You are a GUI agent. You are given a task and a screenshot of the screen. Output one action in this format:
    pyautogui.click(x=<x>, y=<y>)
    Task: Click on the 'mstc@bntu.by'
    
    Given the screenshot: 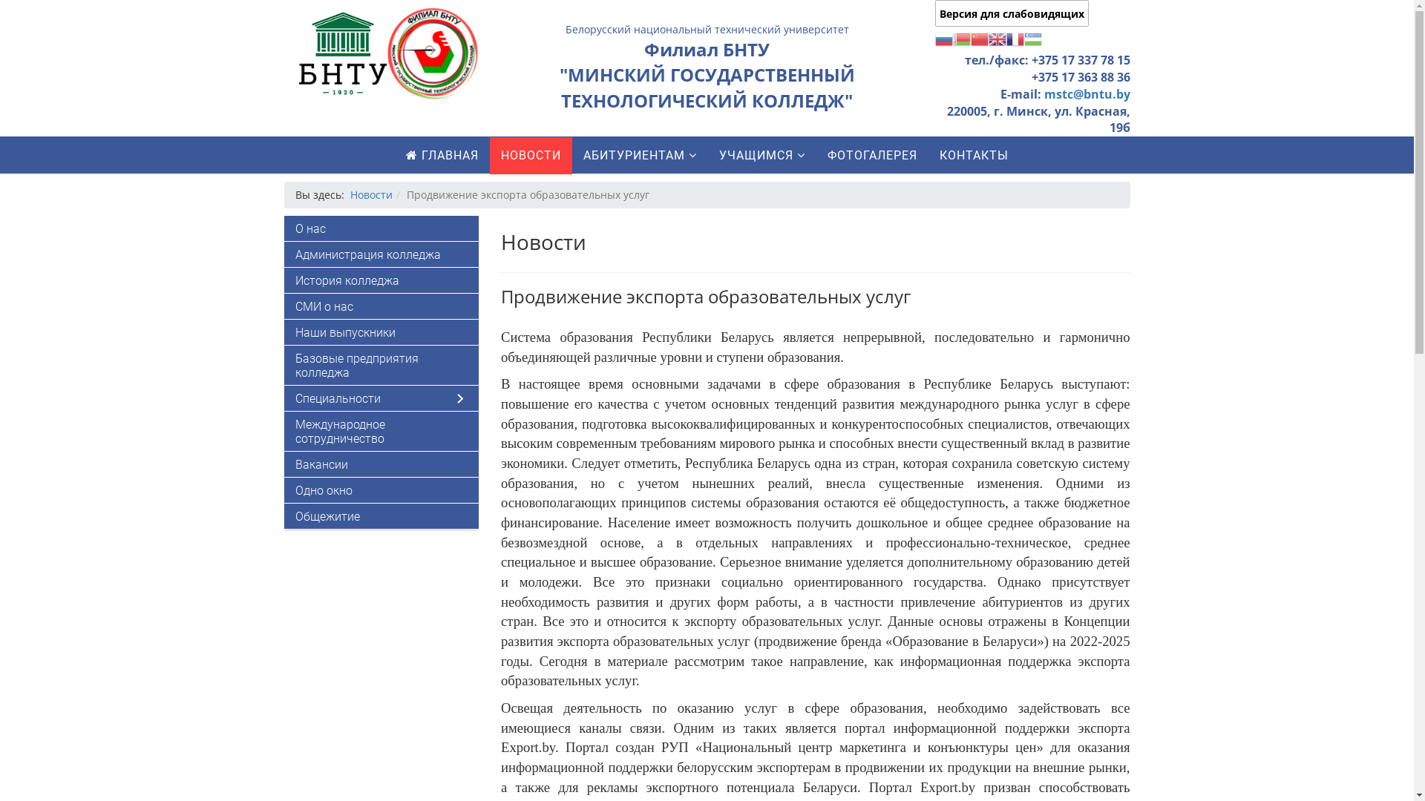 What is the action you would take?
    pyautogui.click(x=1043, y=94)
    